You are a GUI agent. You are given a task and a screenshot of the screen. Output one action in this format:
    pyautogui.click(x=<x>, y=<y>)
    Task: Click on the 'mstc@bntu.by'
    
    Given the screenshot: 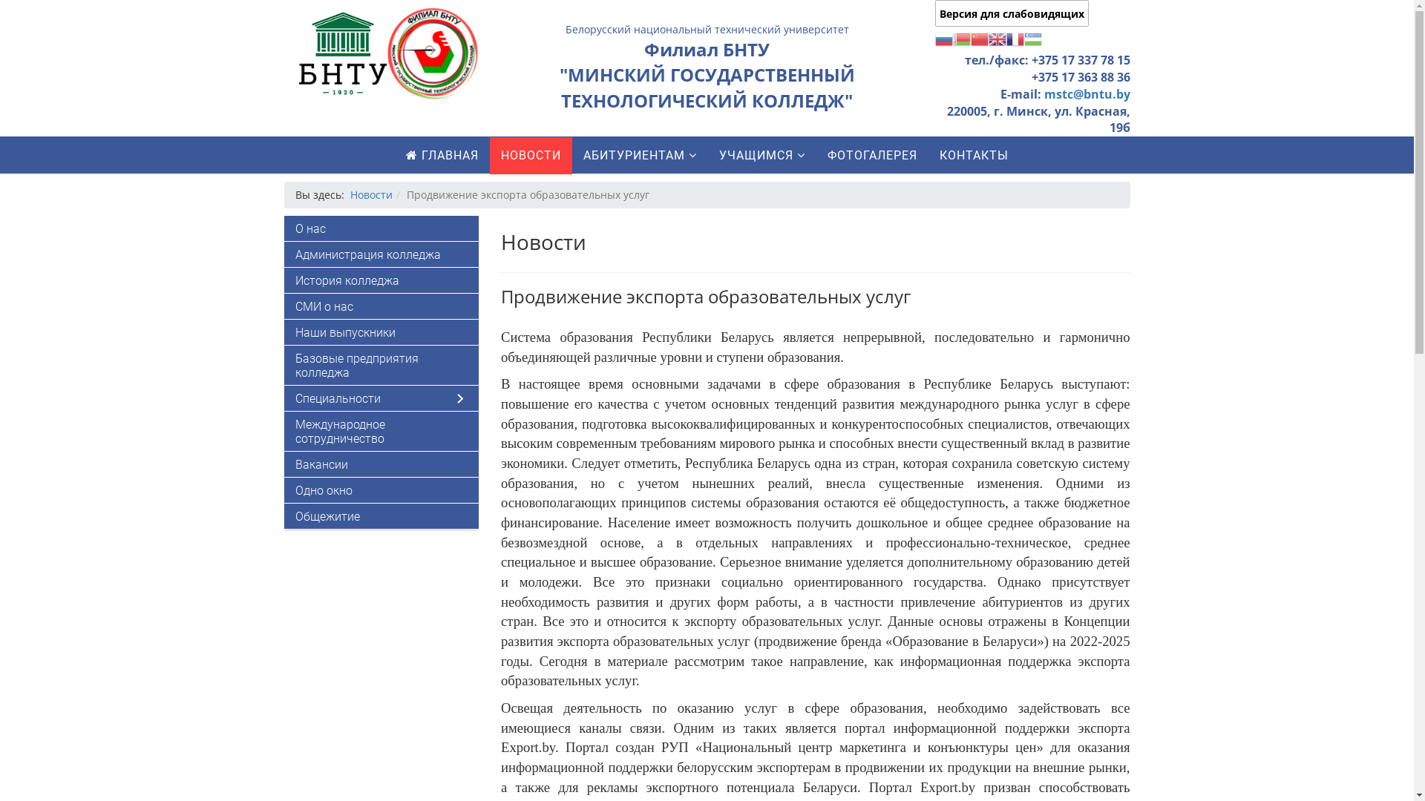 What is the action you would take?
    pyautogui.click(x=1043, y=94)
    